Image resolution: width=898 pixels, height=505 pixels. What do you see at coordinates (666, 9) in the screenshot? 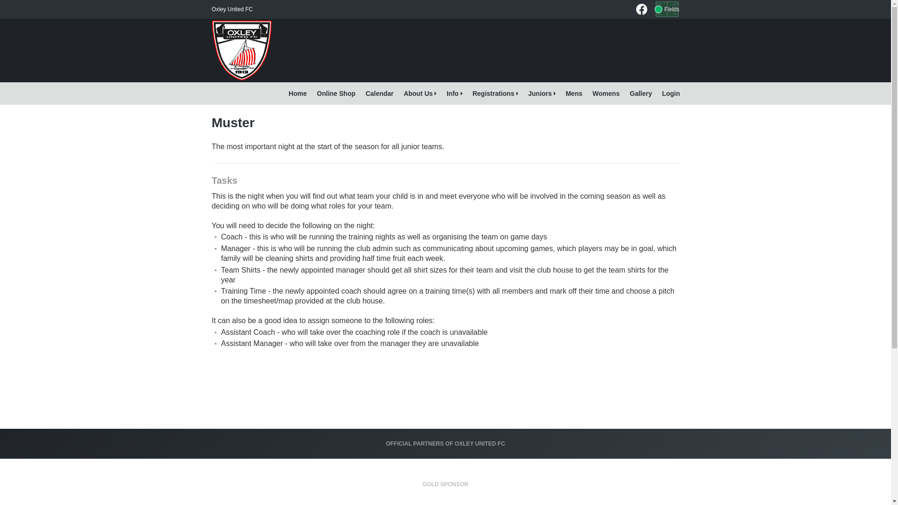
I see `'Fields'` at bounding box center [666, 9].